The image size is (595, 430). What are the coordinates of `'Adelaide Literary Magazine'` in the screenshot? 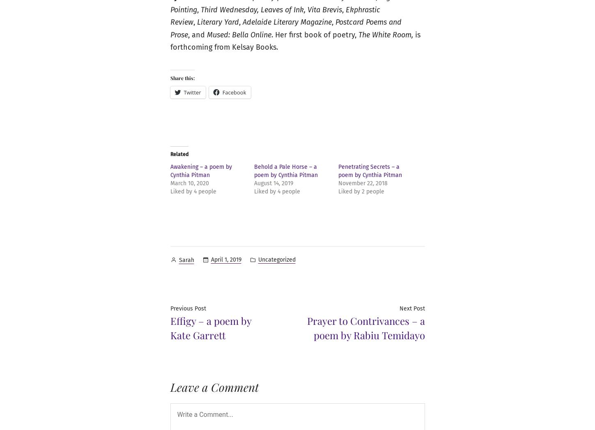 It's located at (287, 22).